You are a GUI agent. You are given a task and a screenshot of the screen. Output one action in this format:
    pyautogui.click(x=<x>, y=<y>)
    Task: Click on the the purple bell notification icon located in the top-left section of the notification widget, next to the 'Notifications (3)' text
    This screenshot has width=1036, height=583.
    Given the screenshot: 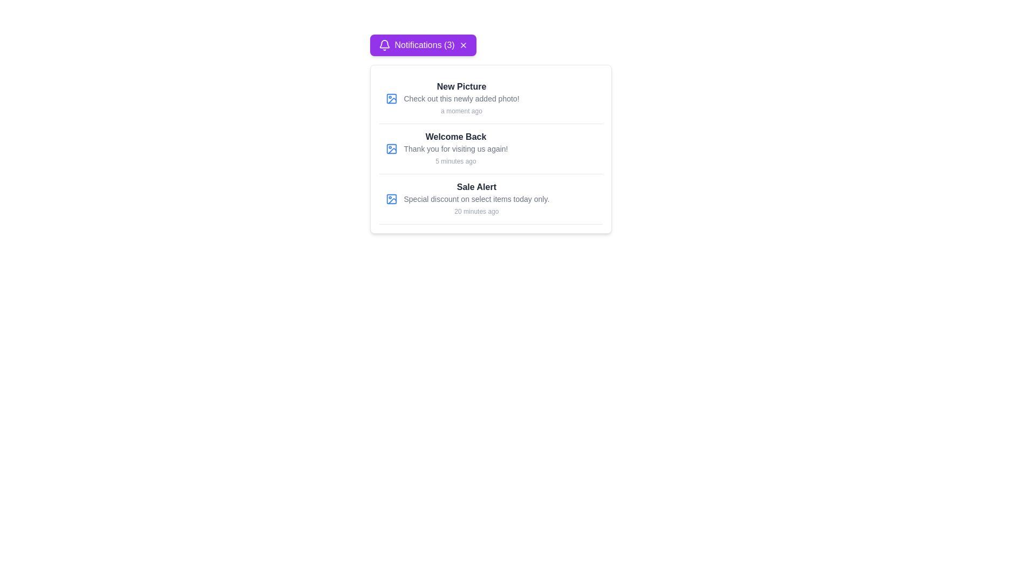 What is the action you would take?
    pyautogui.click(x=384, y=43)
    